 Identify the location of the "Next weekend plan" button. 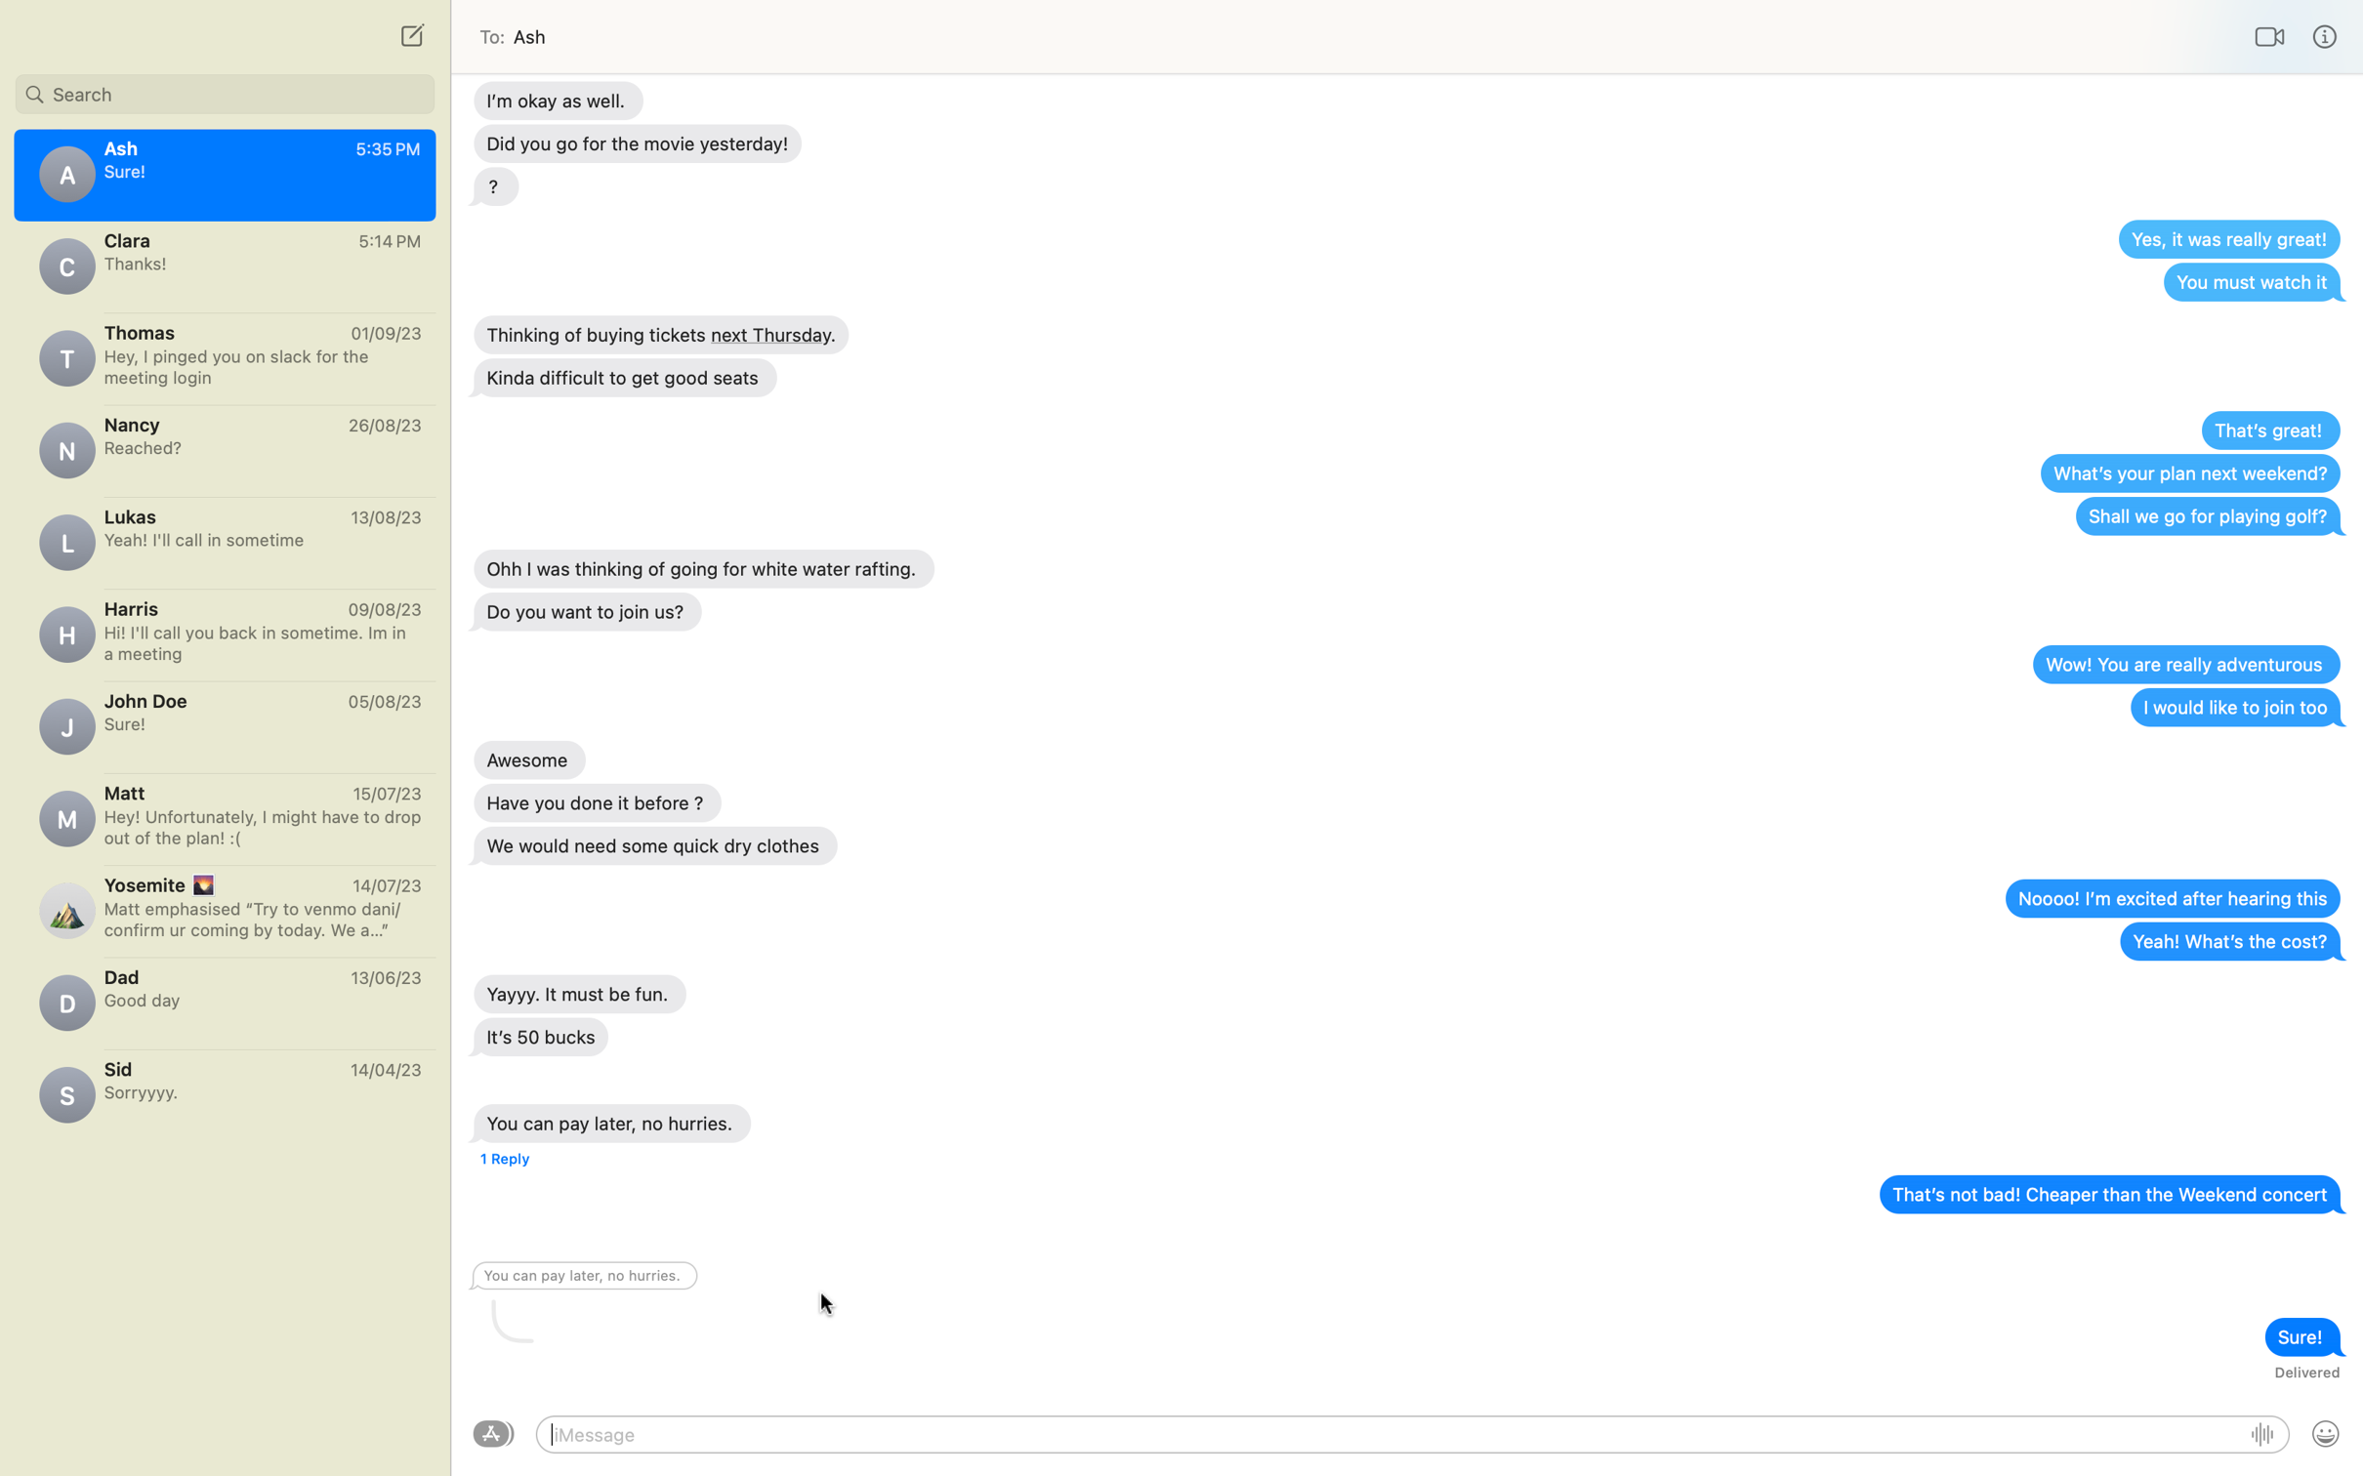
(2188, 471).